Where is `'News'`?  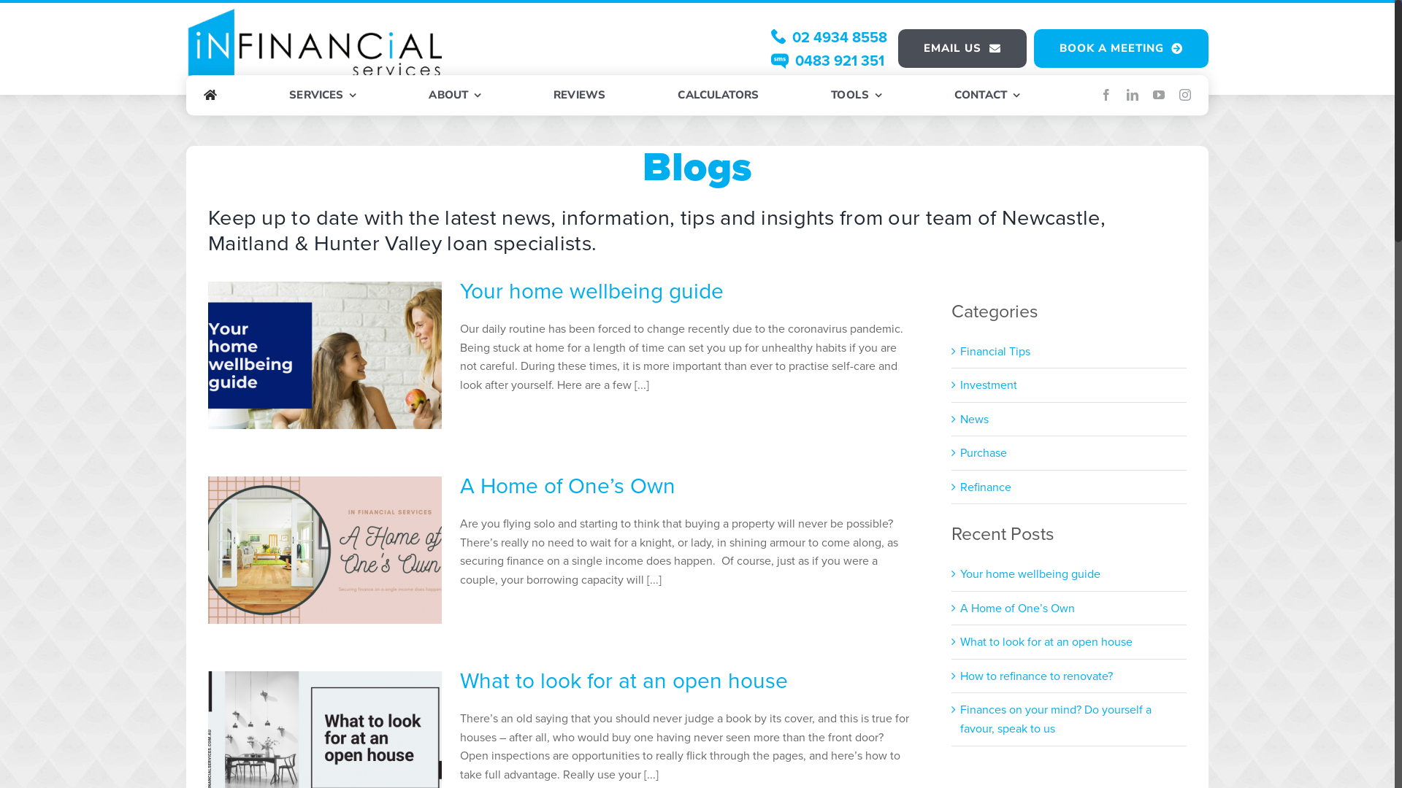
'News' is located at coordinates (1069, 419).